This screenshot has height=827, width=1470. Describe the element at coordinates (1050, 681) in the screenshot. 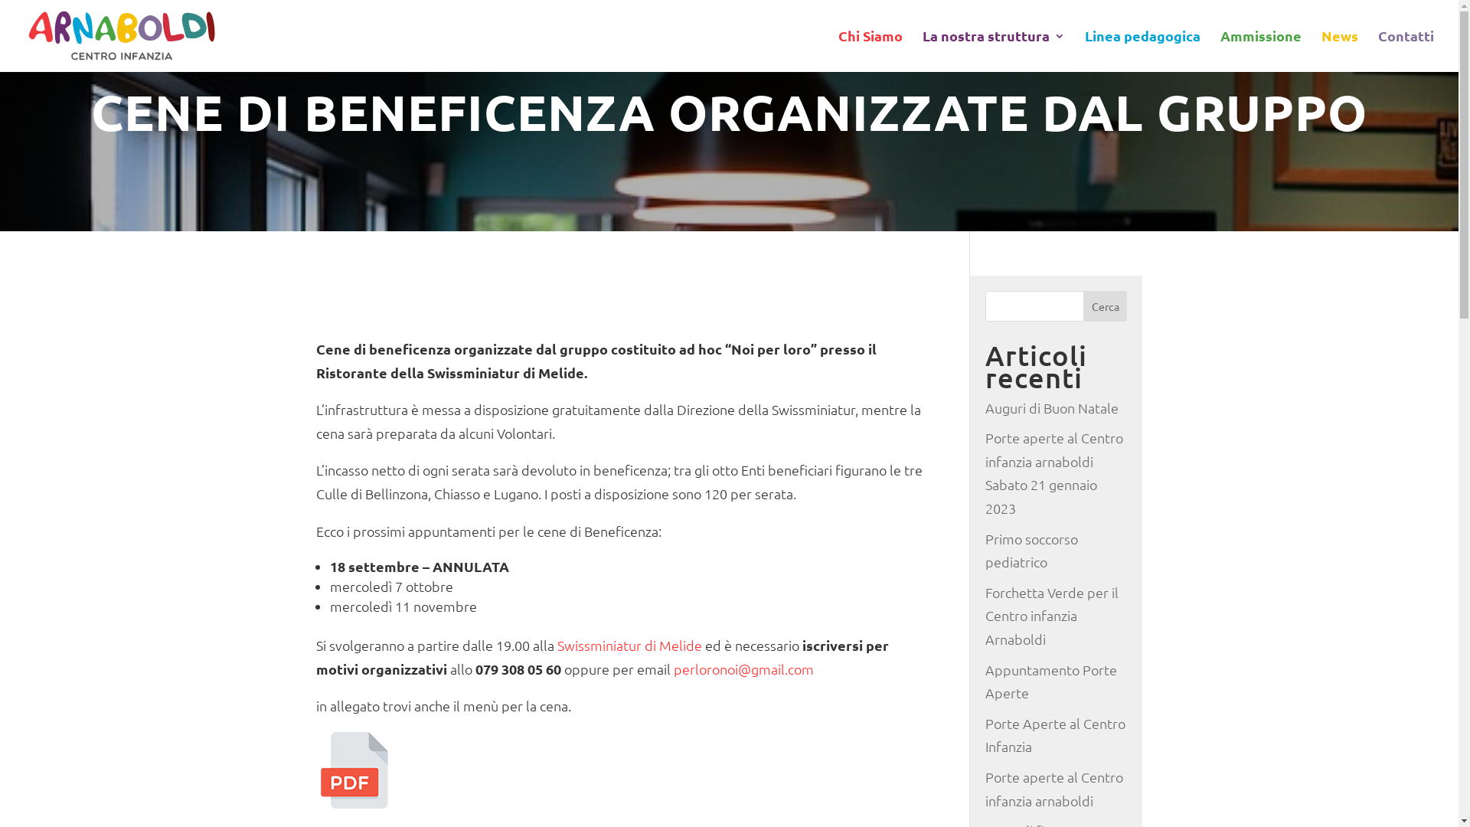

I see `'Appuntamento Porte Aperte'` at that location.